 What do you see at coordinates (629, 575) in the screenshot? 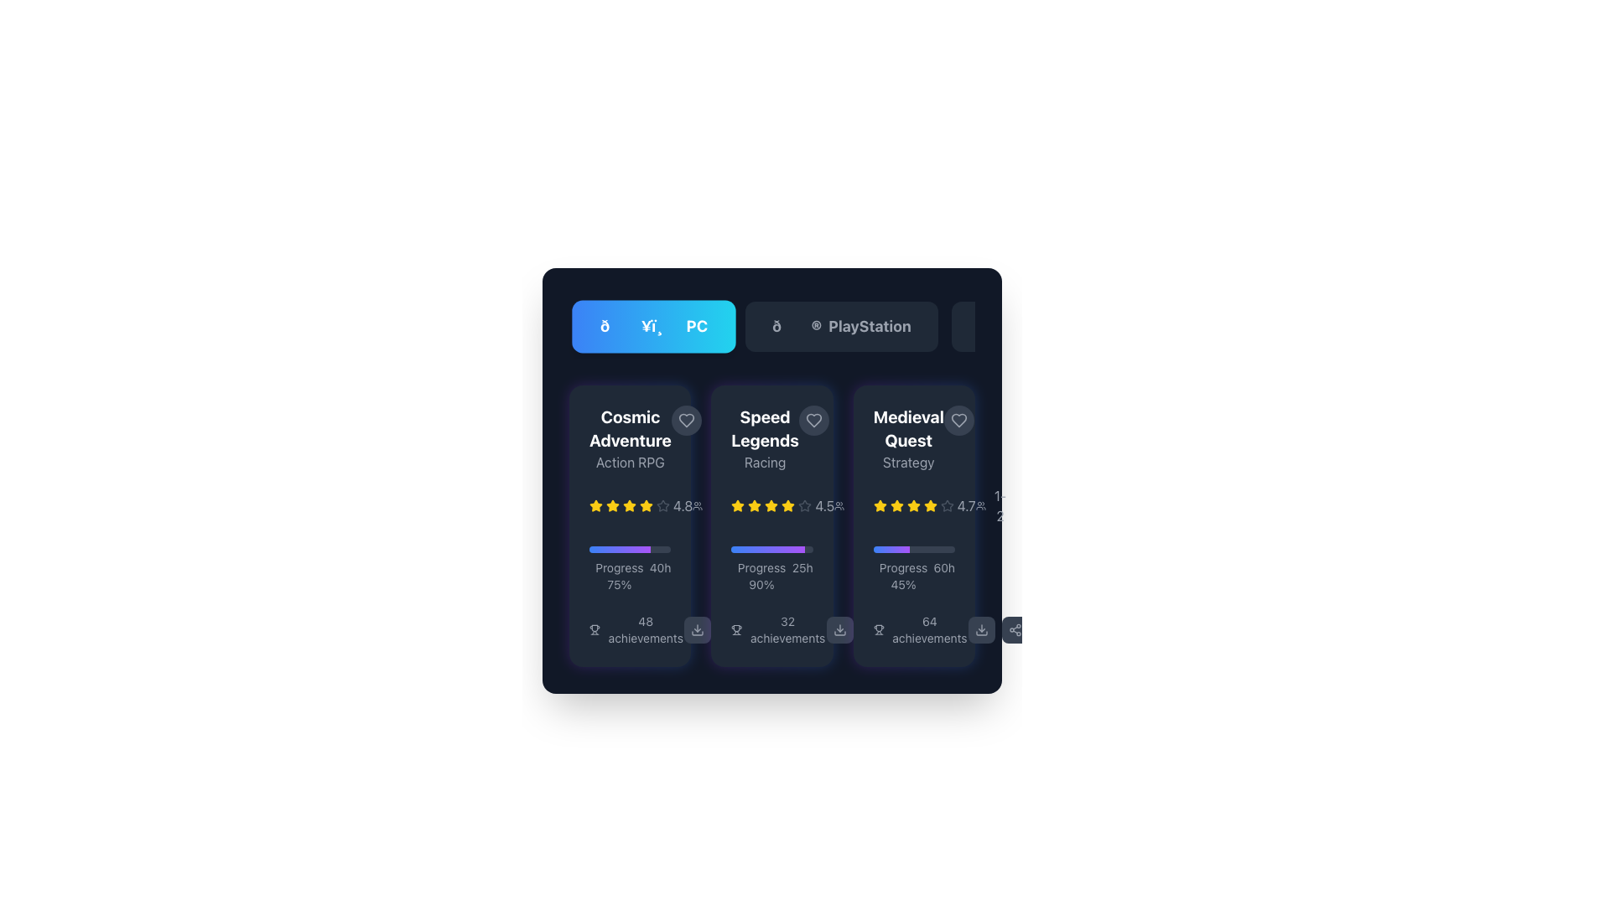
I see `the informational display label showing progress information for the game 'Cosmic Adventure'` at bounding box center [629, 575].